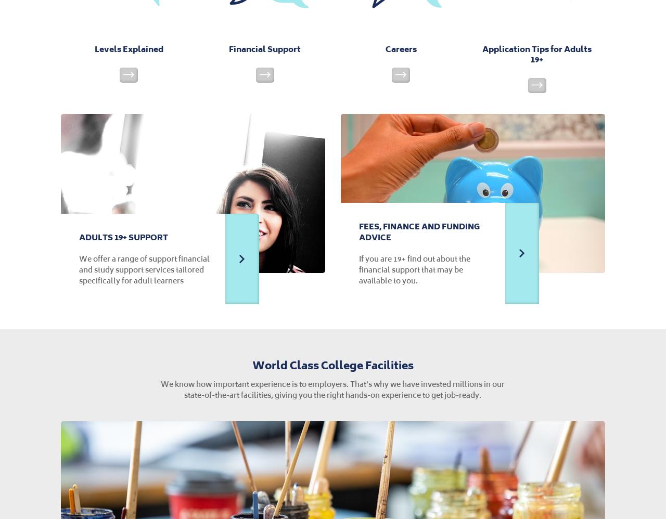 The width and height of the screenshot is (666, 519). I want to click on 'World Class College Facilities', so click(331, 365).